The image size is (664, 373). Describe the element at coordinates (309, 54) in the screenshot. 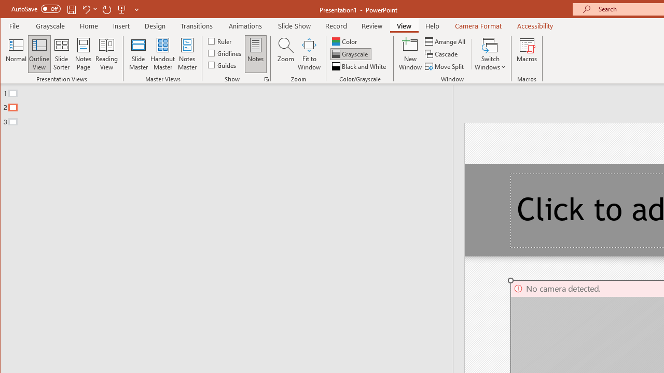

I see `'Fit to Window'` at that location.